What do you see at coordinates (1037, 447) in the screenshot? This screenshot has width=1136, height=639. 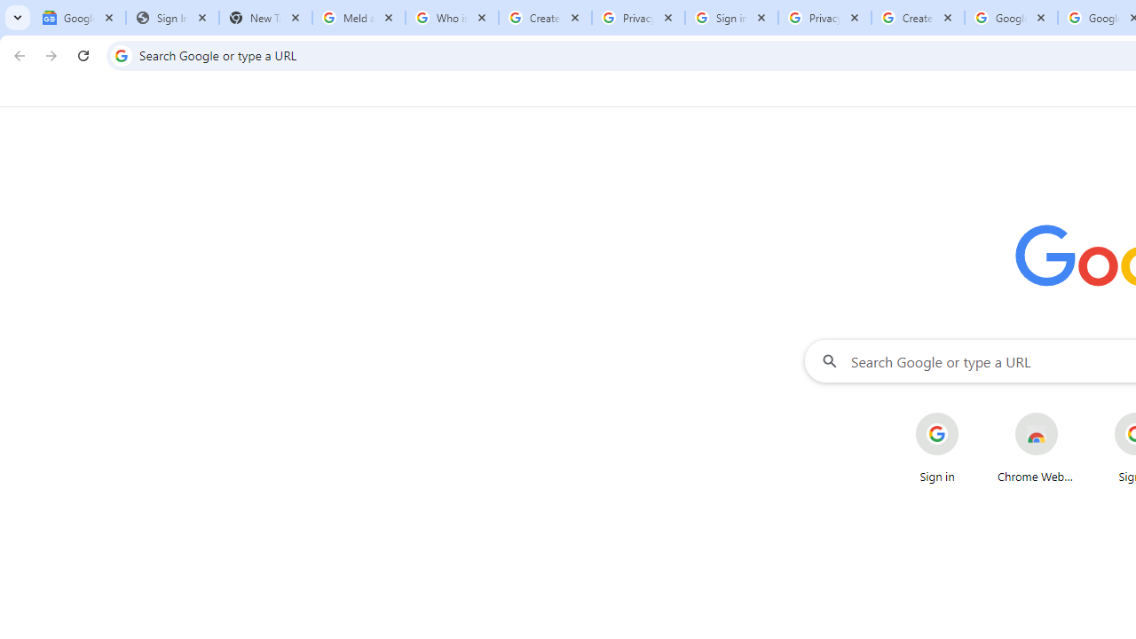 I see `'Chrome Web Store'` at bounding box center [1037, 447].